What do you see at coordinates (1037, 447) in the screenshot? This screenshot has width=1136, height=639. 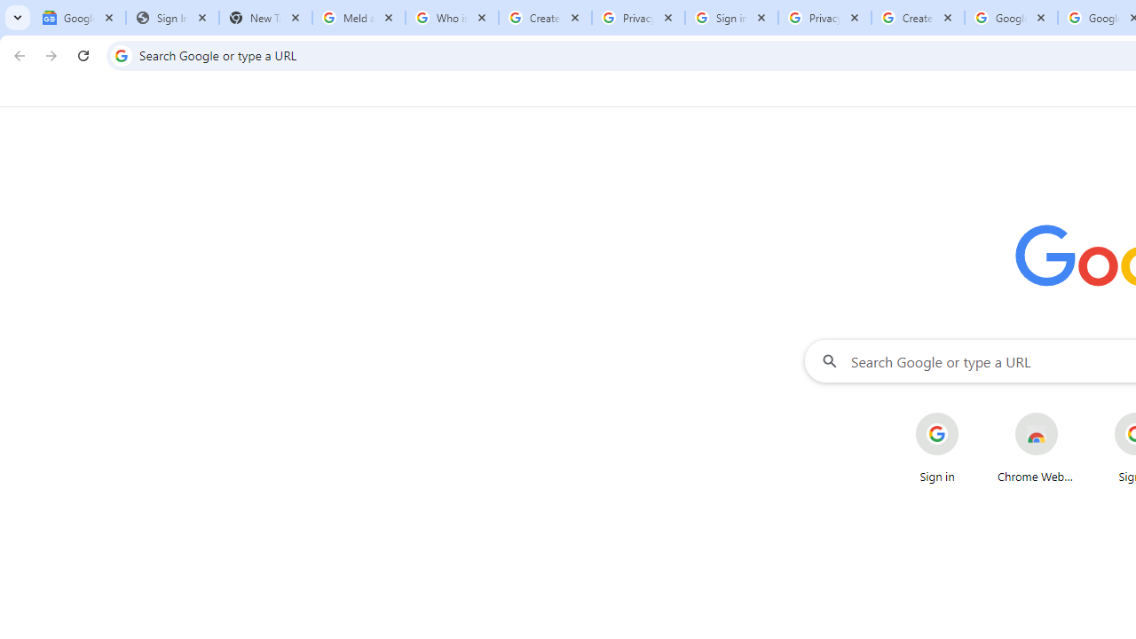 I see `'Chrome Web Store'` at bounding box center [1037, 447].